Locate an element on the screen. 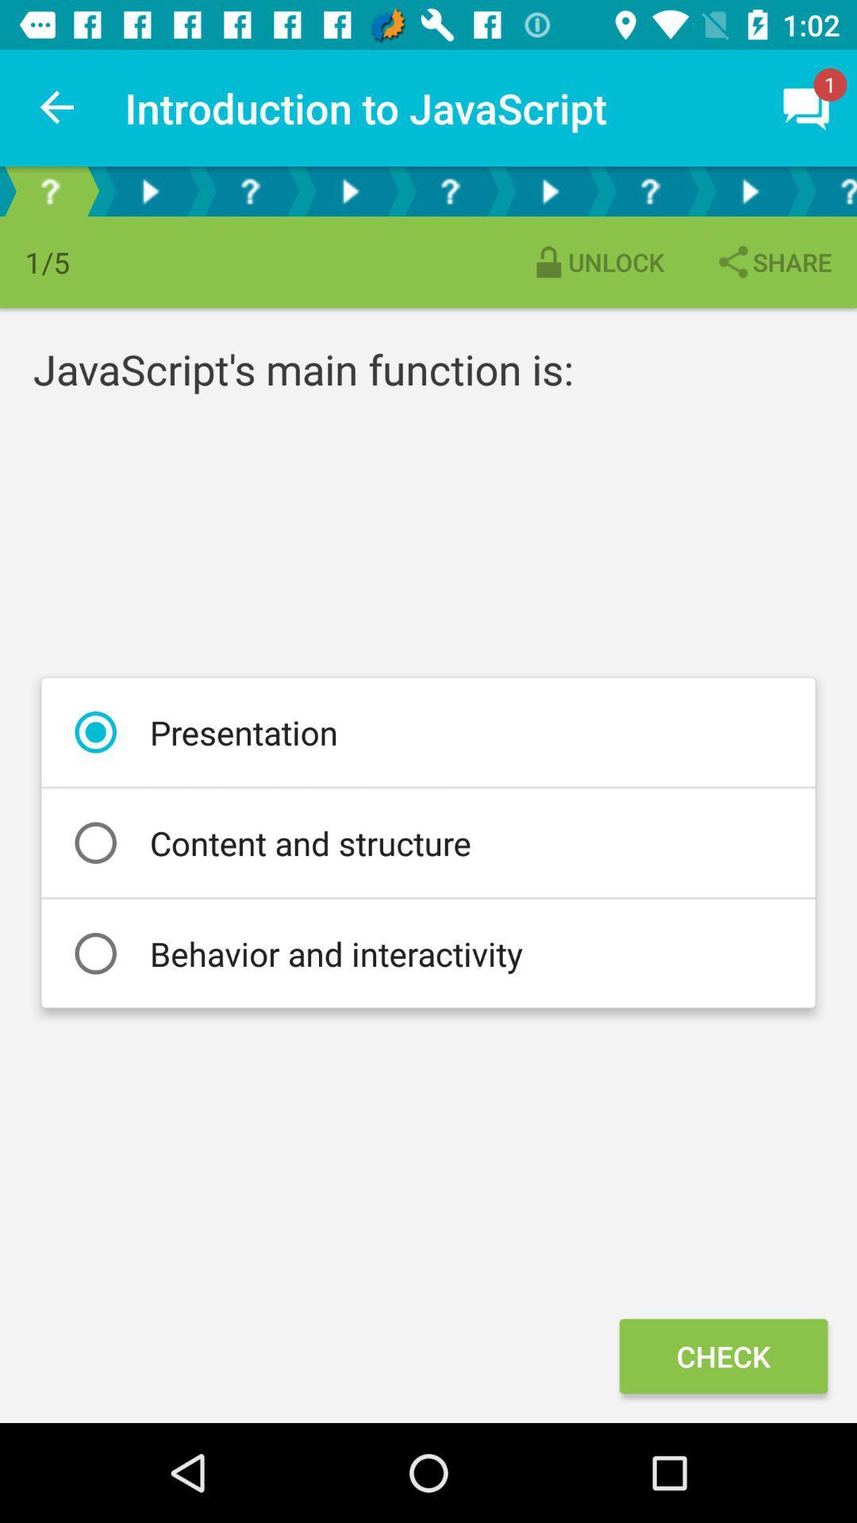  selected tab is located at coordinates (828, 190).